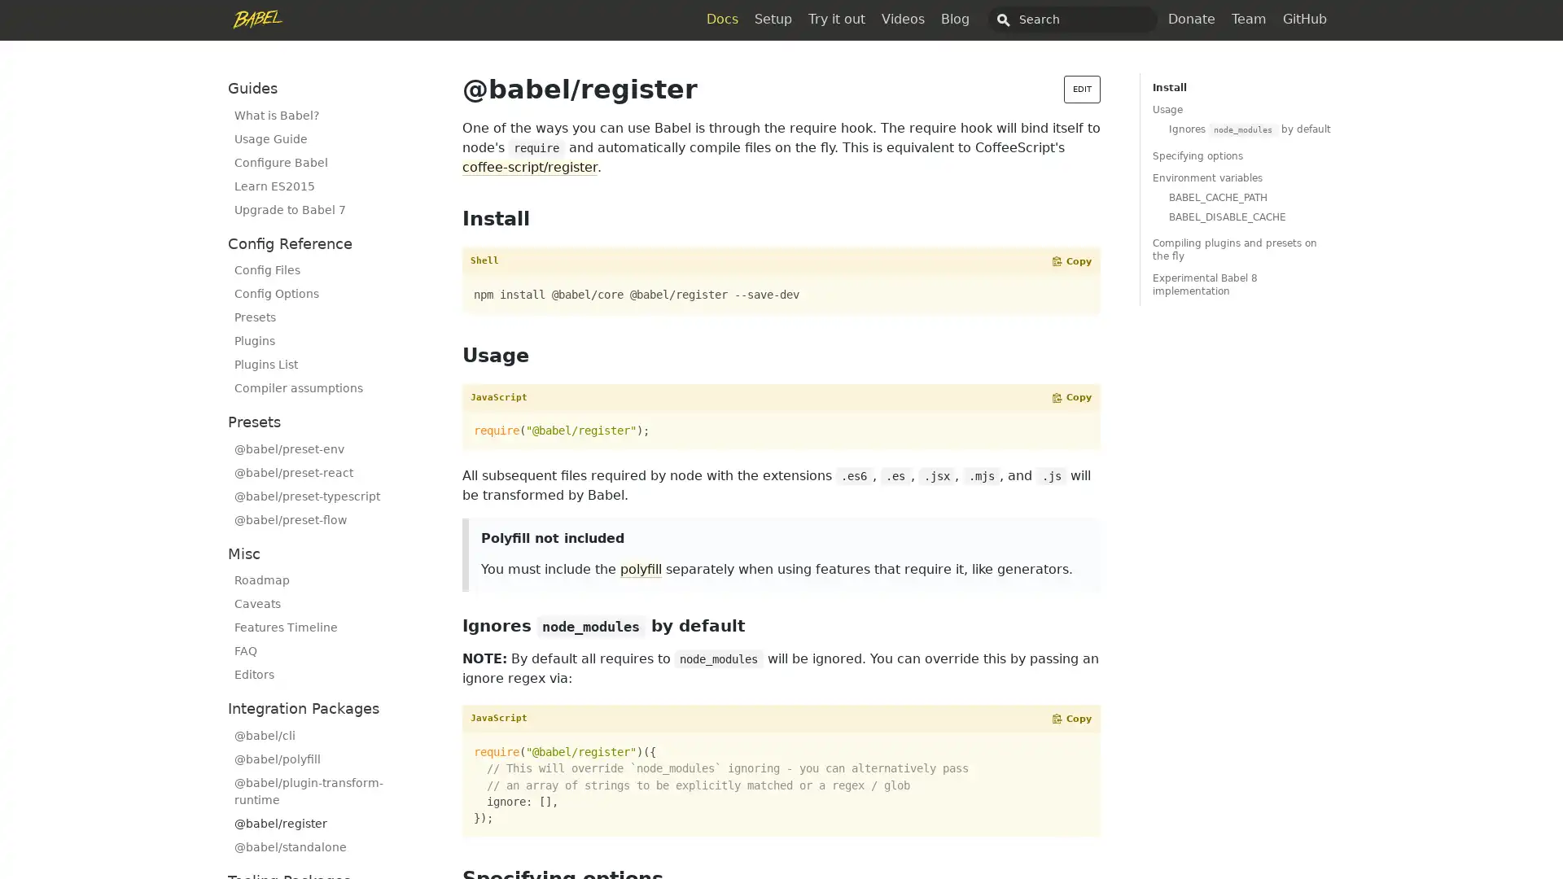  Describe the element at coordinates (1071, 718) in the screenshot. I see `Copy code to clipboard` at that location.